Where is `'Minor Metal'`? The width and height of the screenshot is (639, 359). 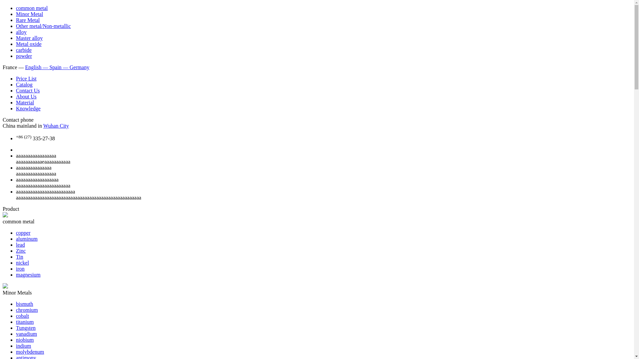
'Minor Metal' is located at coordinates (29, 14).